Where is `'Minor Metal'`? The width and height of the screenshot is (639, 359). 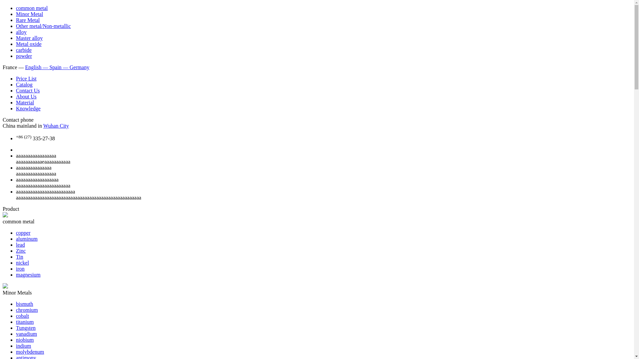
'Minor Metal' is located at coordinates (29, 14).